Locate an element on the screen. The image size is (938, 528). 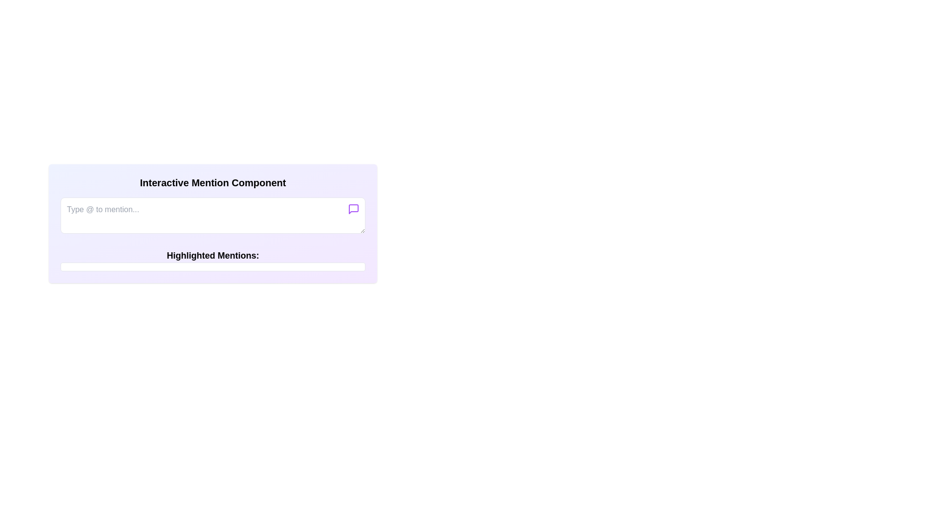
the SVG graphical icon representing a speech bubble located at the top-right corner of the text input field is located at coordinates (353, 209).